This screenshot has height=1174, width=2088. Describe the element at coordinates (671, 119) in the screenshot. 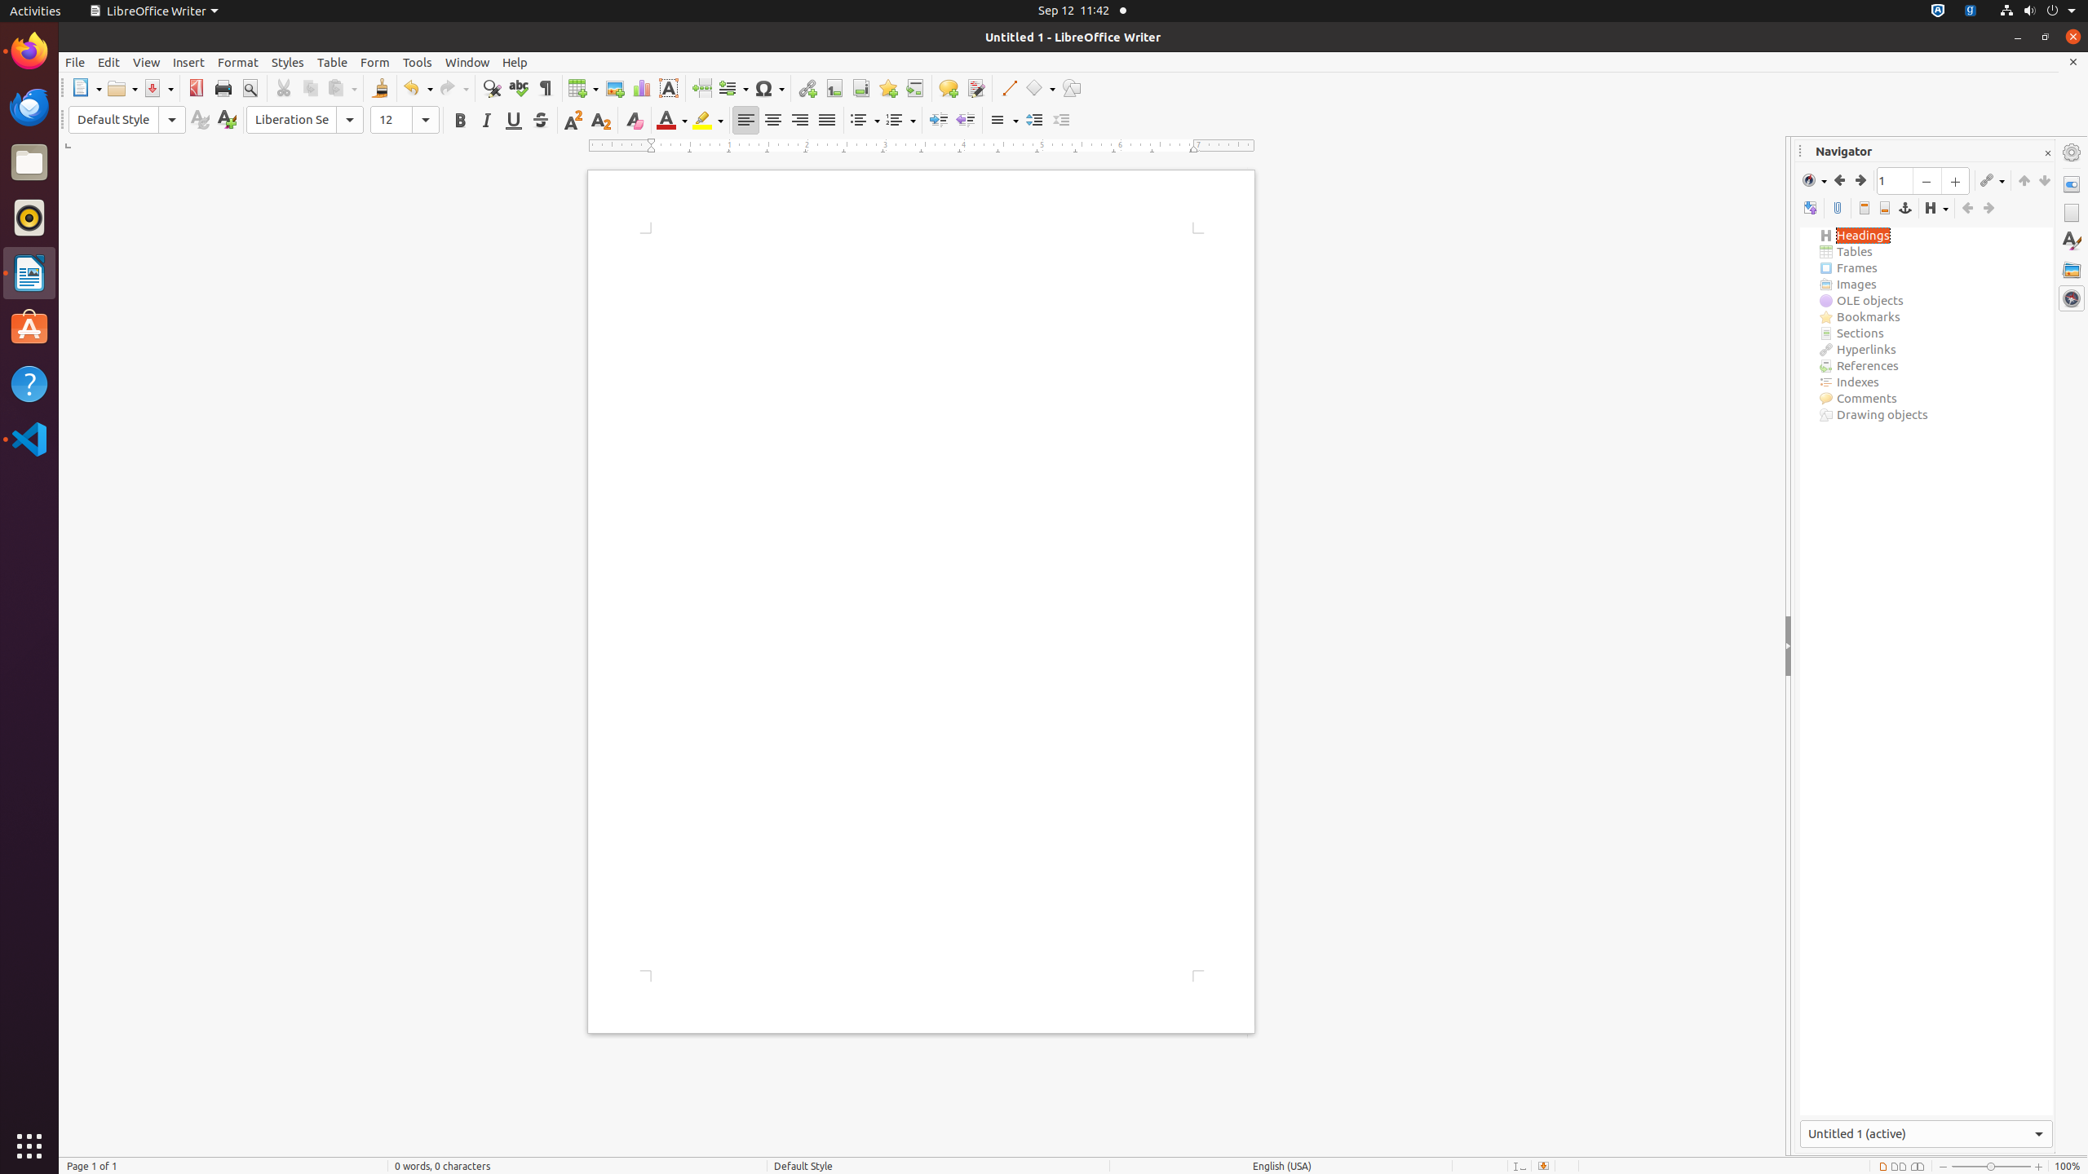

I see `'Font Color'` at that location.